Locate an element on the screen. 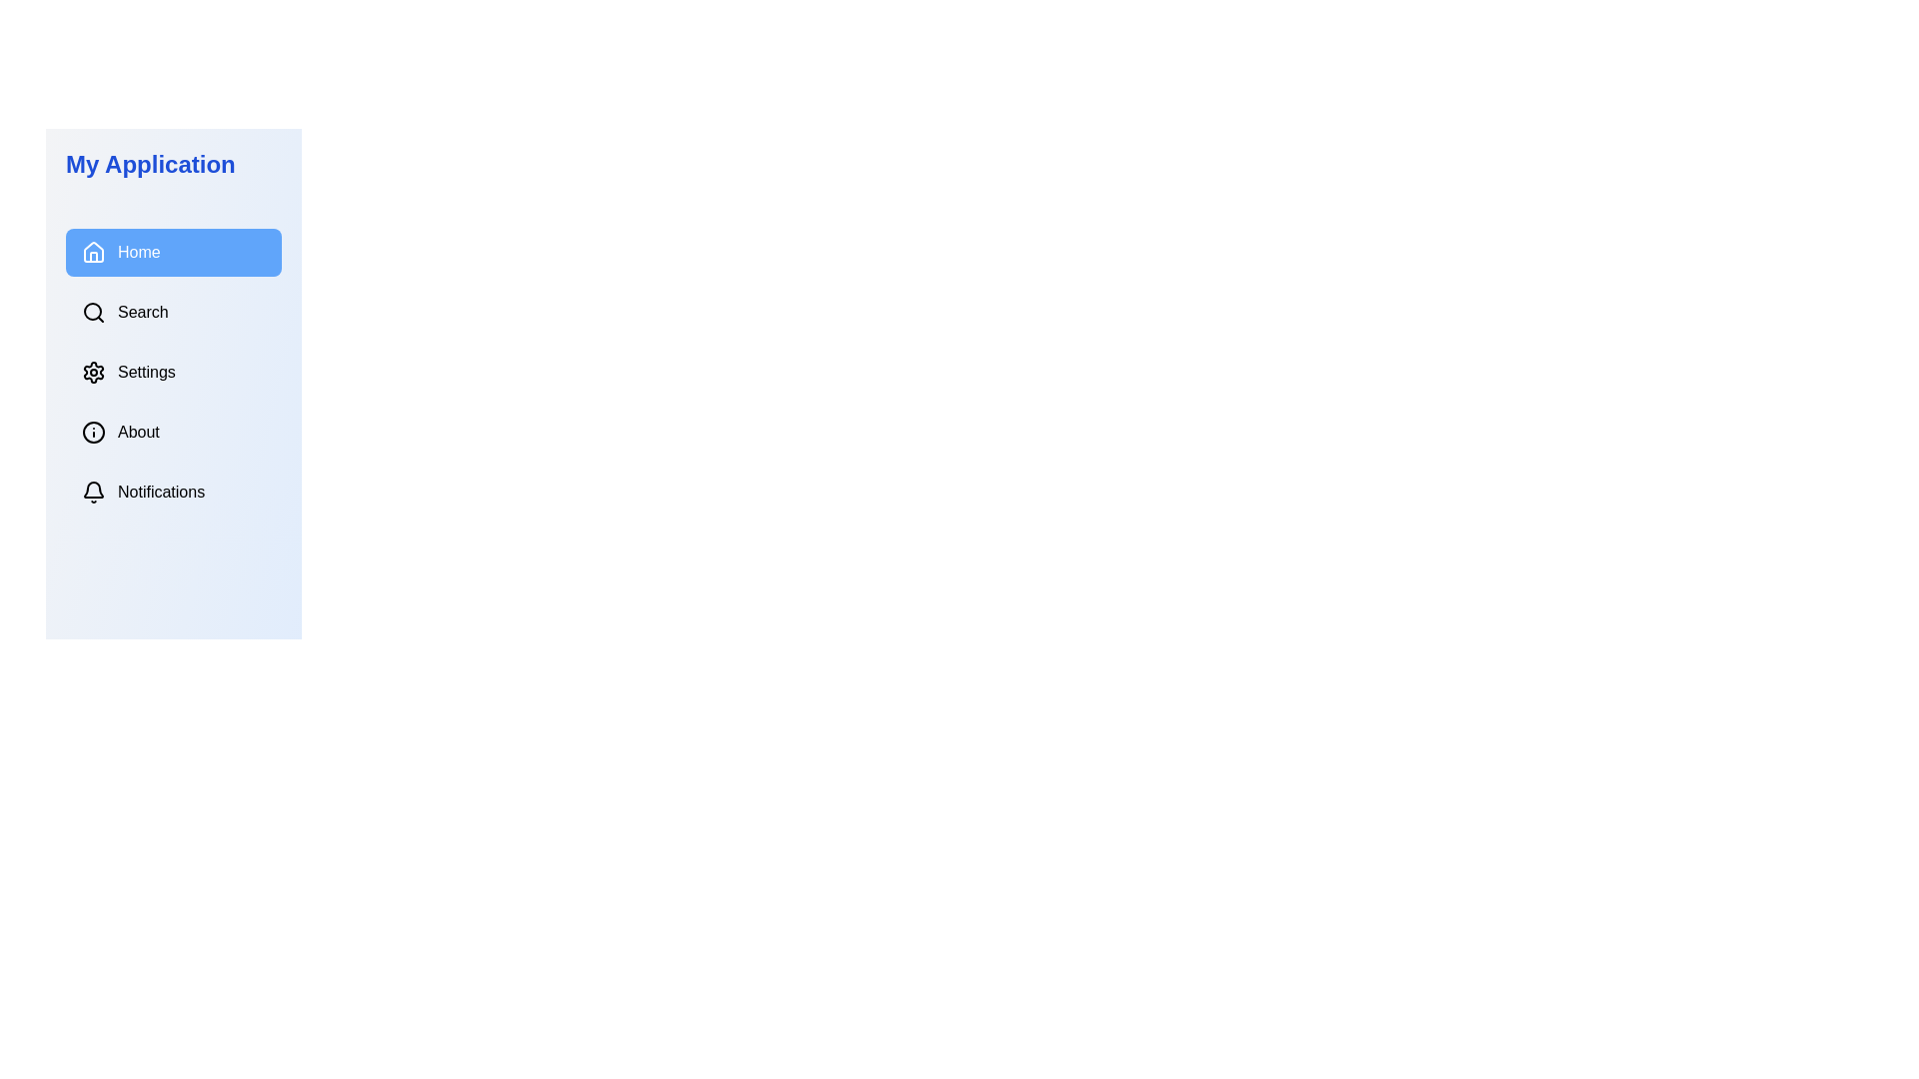 The image size is (1919, 1079). the fifth button in the vertical menu on the left sidebar is located at coordinates (173, 493).